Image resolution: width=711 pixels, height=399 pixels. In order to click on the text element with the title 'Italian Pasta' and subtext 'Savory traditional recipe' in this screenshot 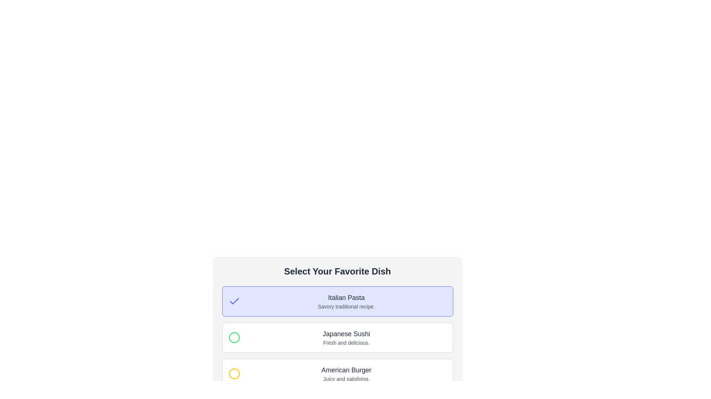, I will do `click(346, 301)`.